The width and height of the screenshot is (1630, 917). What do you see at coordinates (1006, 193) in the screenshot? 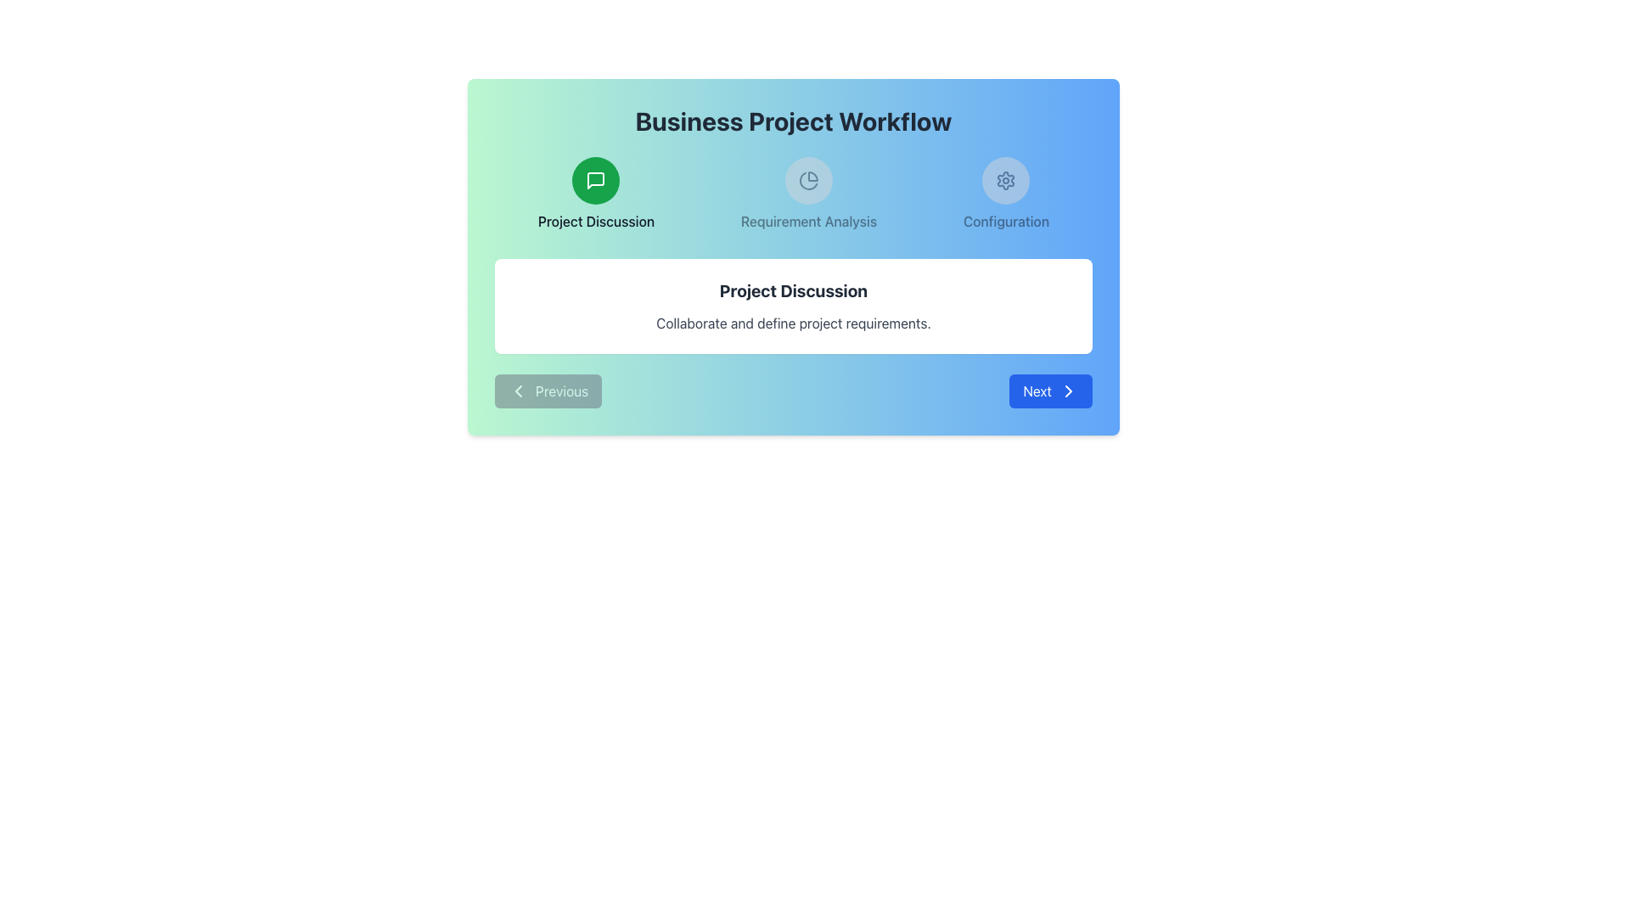
I see `the static icon representing configuration settings related to the workflow, located in the top-right quadrant of the interface` at bounding box center [1006, 193].